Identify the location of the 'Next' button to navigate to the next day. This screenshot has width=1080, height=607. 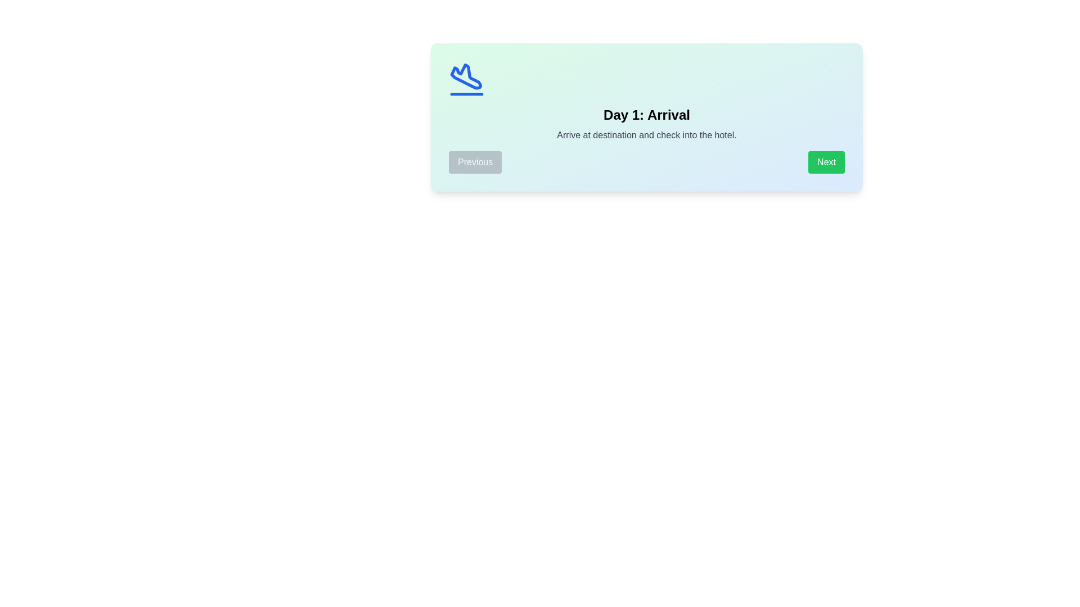
(826, 162).